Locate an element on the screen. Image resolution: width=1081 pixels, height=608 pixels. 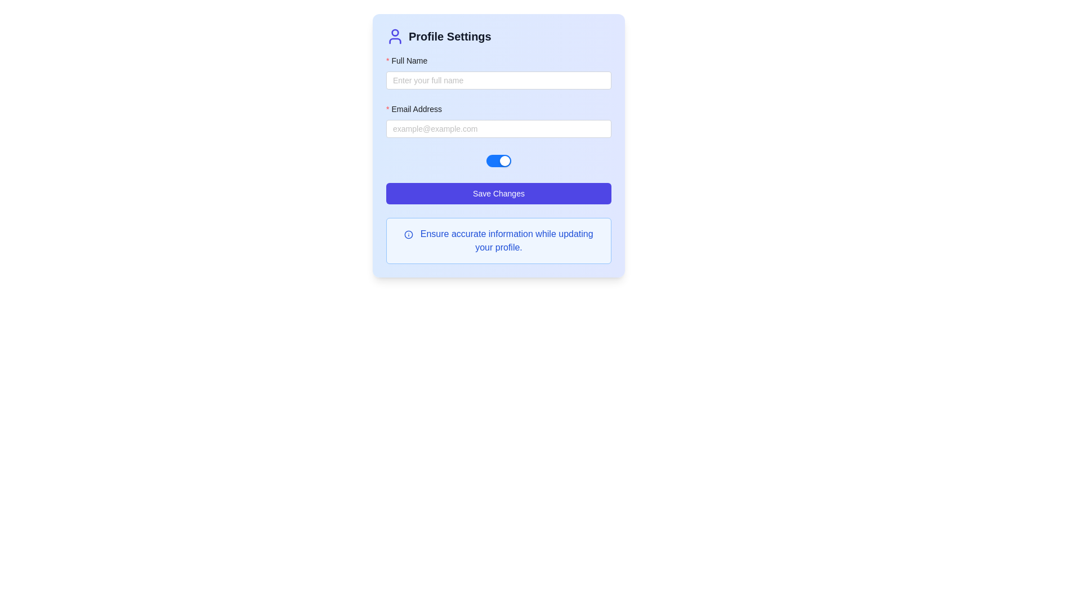
the label that provides guidance for the email input field, which is located below the 'Full Name' section and above the email text box is located at coordinates (417, 109).